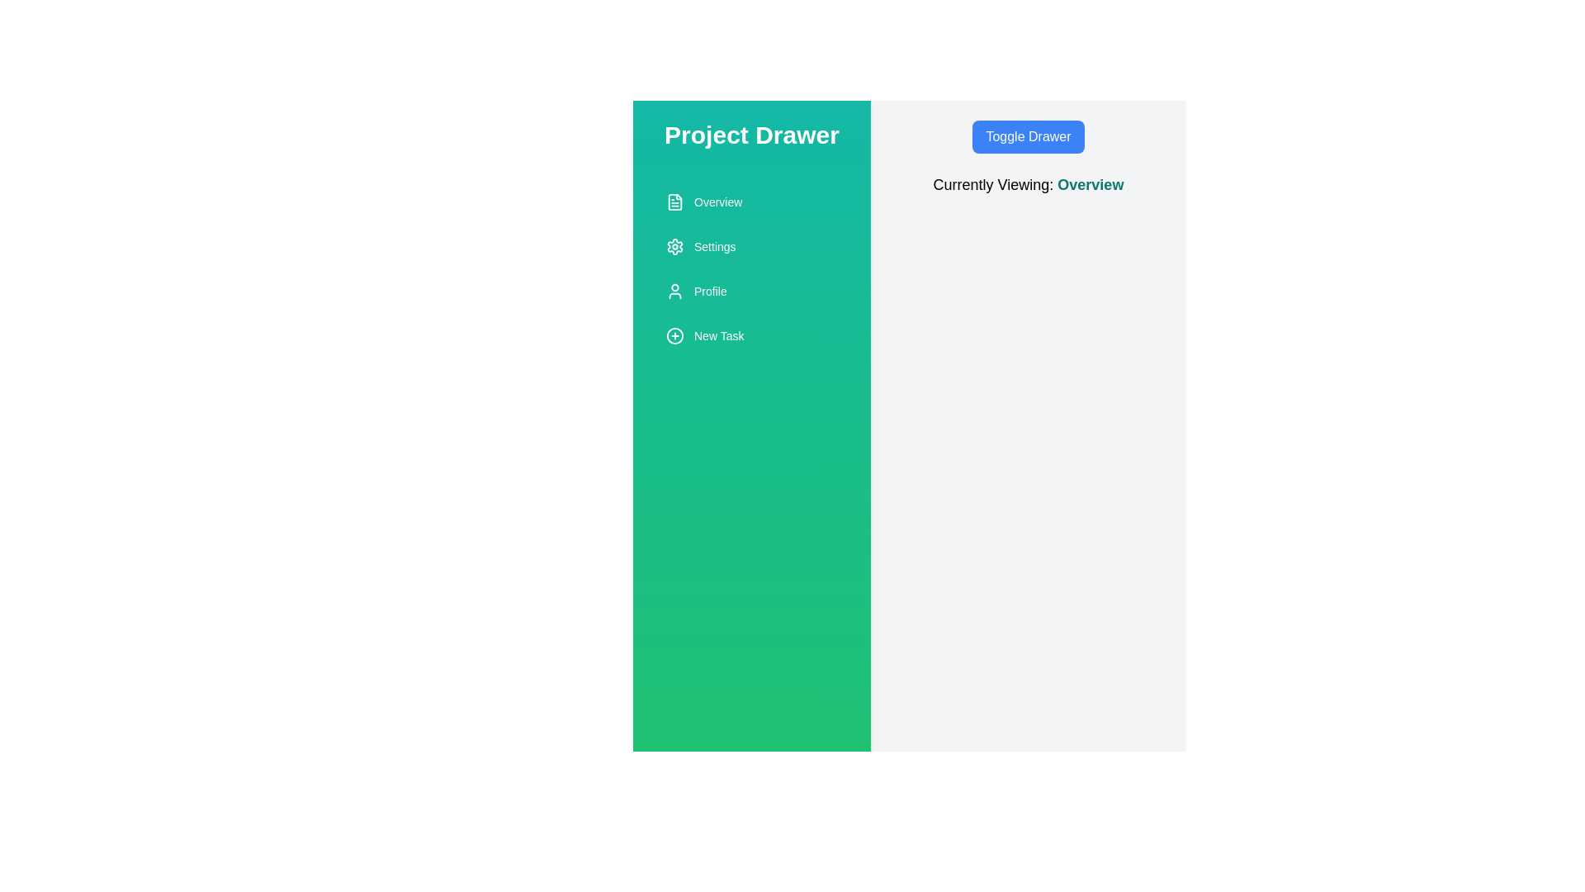 The image size is (1585, 892). I want to click on the header text 'Project Drawer' for copying, so click(751, 135).